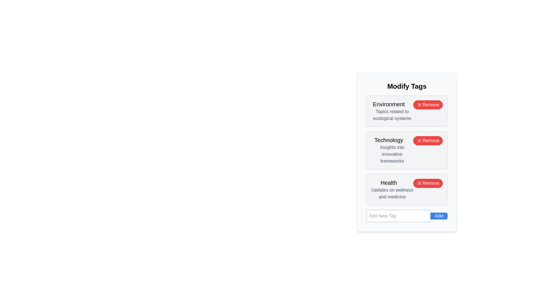 The height and width of the screenshot is (307, 546). What do you see at coordinates (428, 183) in the screenshot?
I see `the 'Remove' button next to the tag with label Health` at bounding box center [428, 183].